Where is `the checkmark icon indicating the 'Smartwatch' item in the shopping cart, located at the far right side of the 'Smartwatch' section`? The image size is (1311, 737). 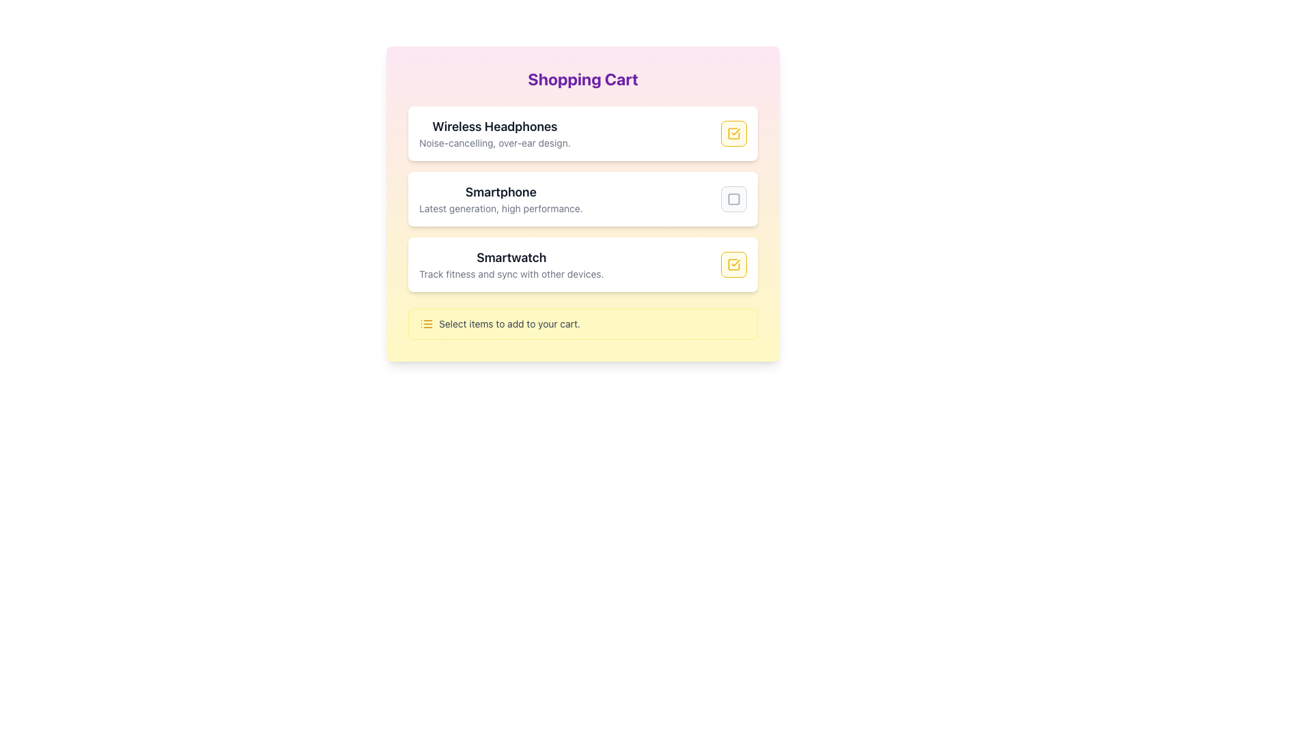 the checkmark icon indicating the 'Smartwatch' item in the shopping cart, located at the far right side of the 'Smartwatch' section is located at coordinates (733, 265).